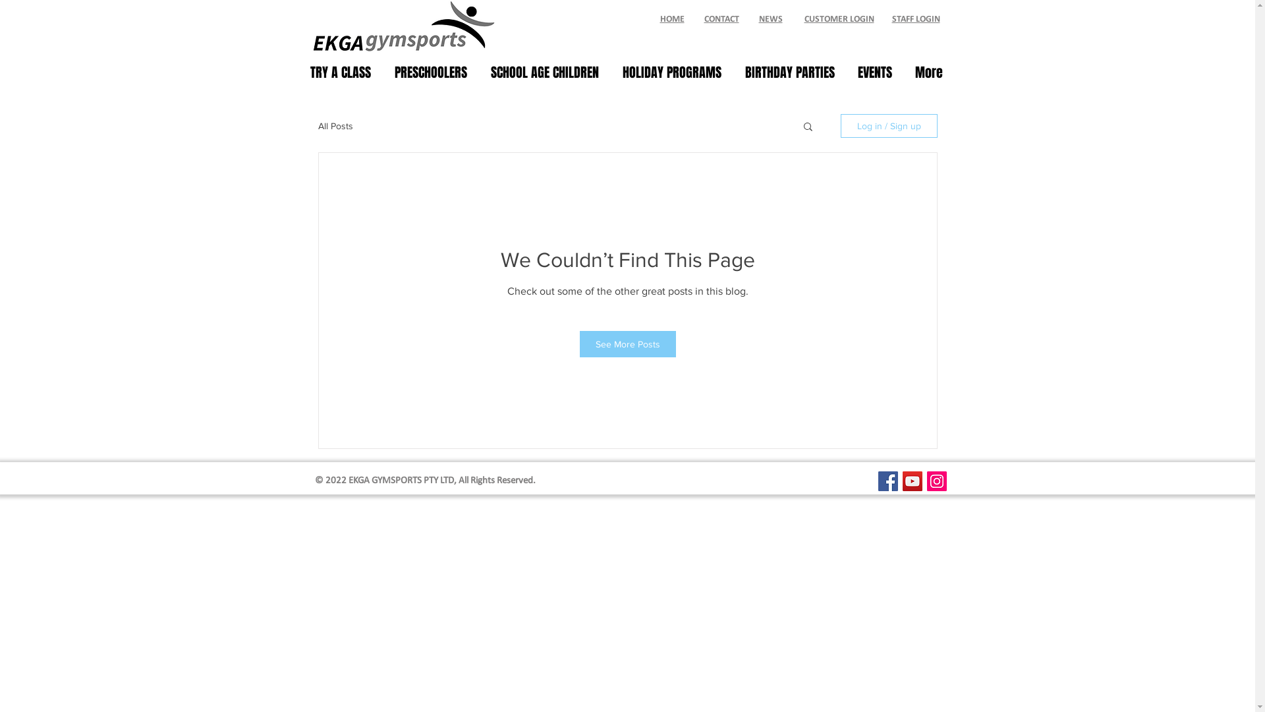 This screenshot has height=712, width=1265. Describe the element at coordinates (915, 19) in the screenshot. I see `'STAFF LOGIN'` at that location.